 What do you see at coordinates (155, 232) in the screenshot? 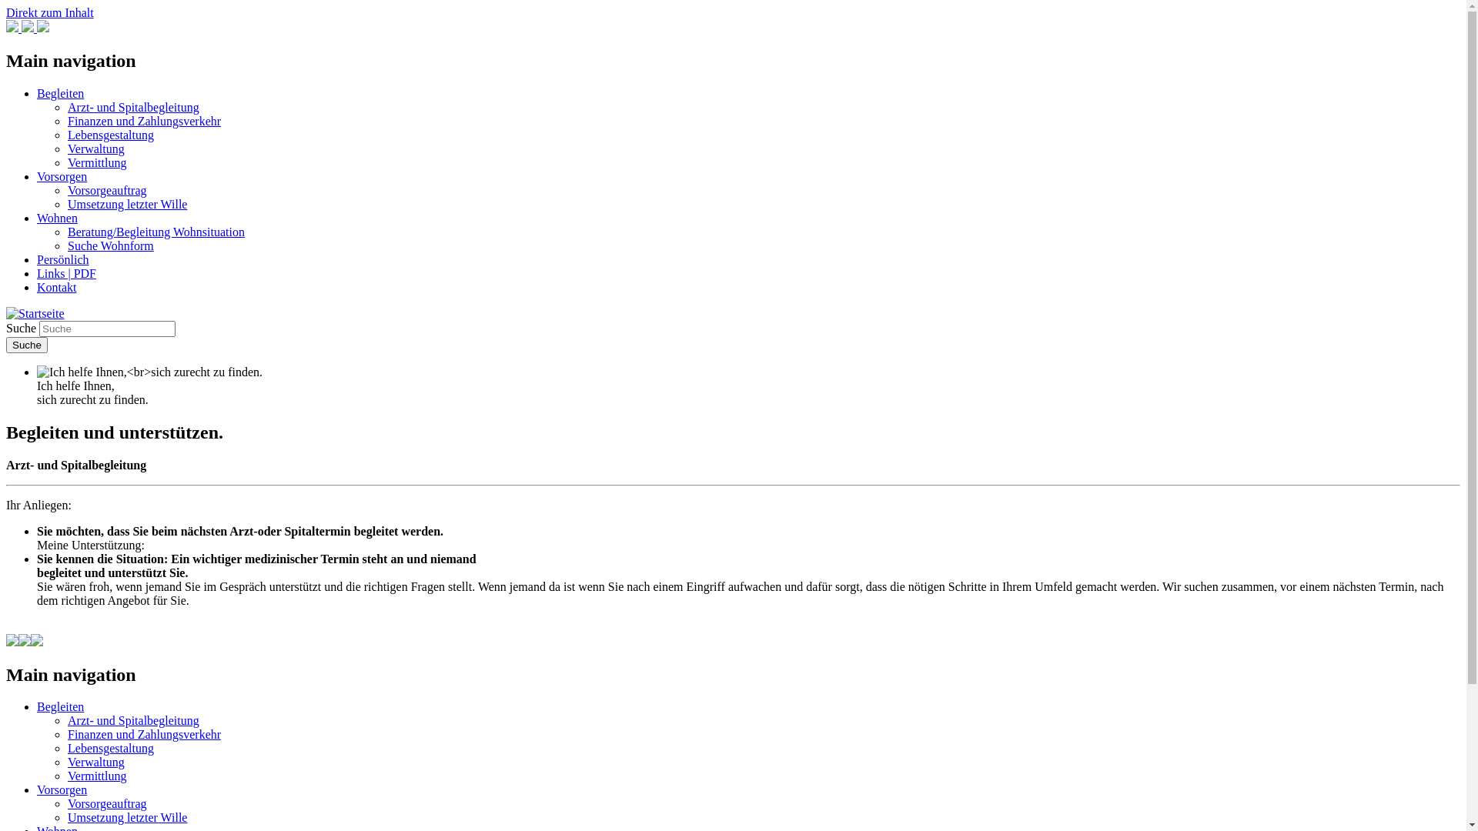
I see `'Beratung/Begleitung Wohnsituation'` at bounding box center [155, 232].